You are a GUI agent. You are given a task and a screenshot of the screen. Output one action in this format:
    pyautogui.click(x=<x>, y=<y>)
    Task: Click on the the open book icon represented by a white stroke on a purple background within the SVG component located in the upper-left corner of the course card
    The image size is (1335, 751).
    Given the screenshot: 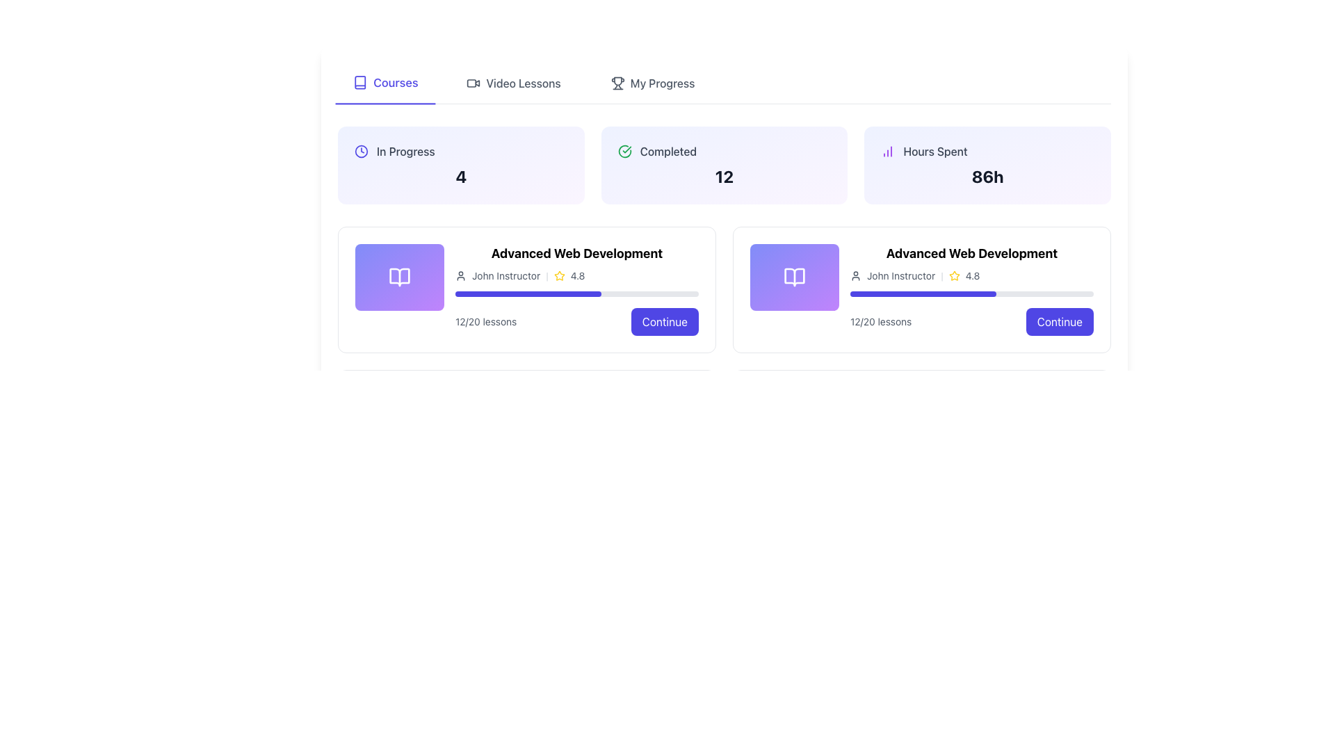 What is the action you would take?
    pyautogui.click(x=794, y=277)
    